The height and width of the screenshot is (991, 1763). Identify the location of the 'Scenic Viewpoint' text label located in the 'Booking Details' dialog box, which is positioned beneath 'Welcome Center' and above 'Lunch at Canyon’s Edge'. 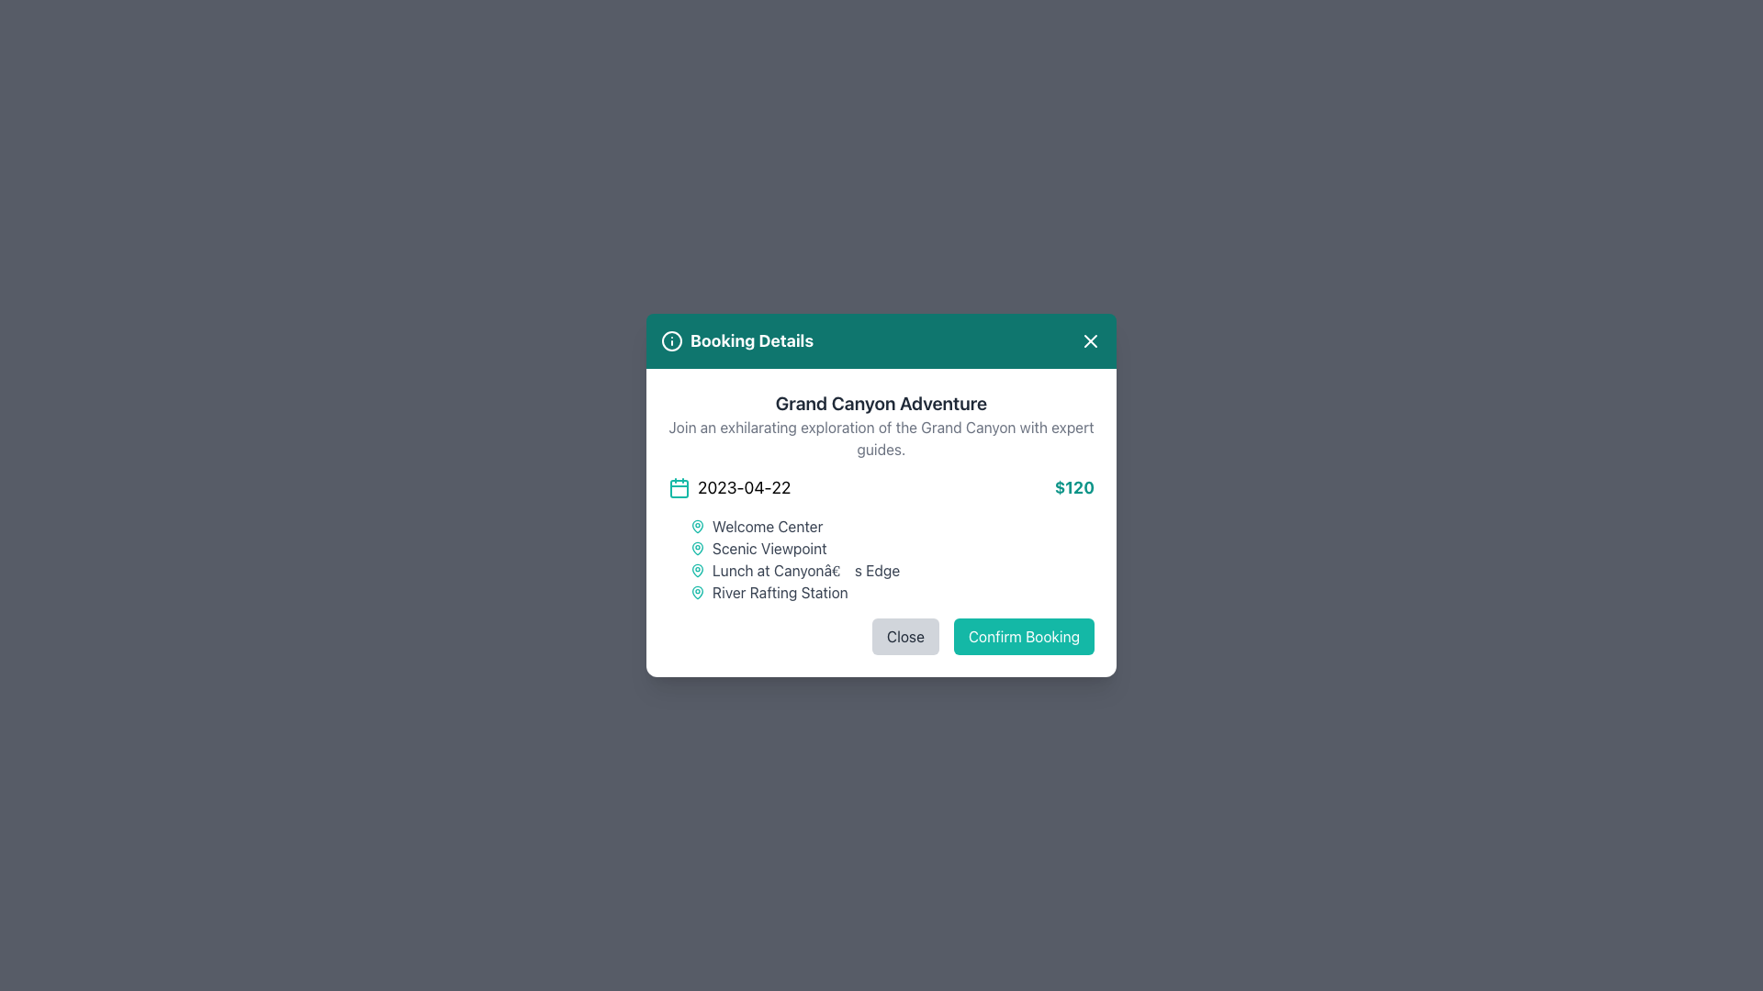
(769, 547).